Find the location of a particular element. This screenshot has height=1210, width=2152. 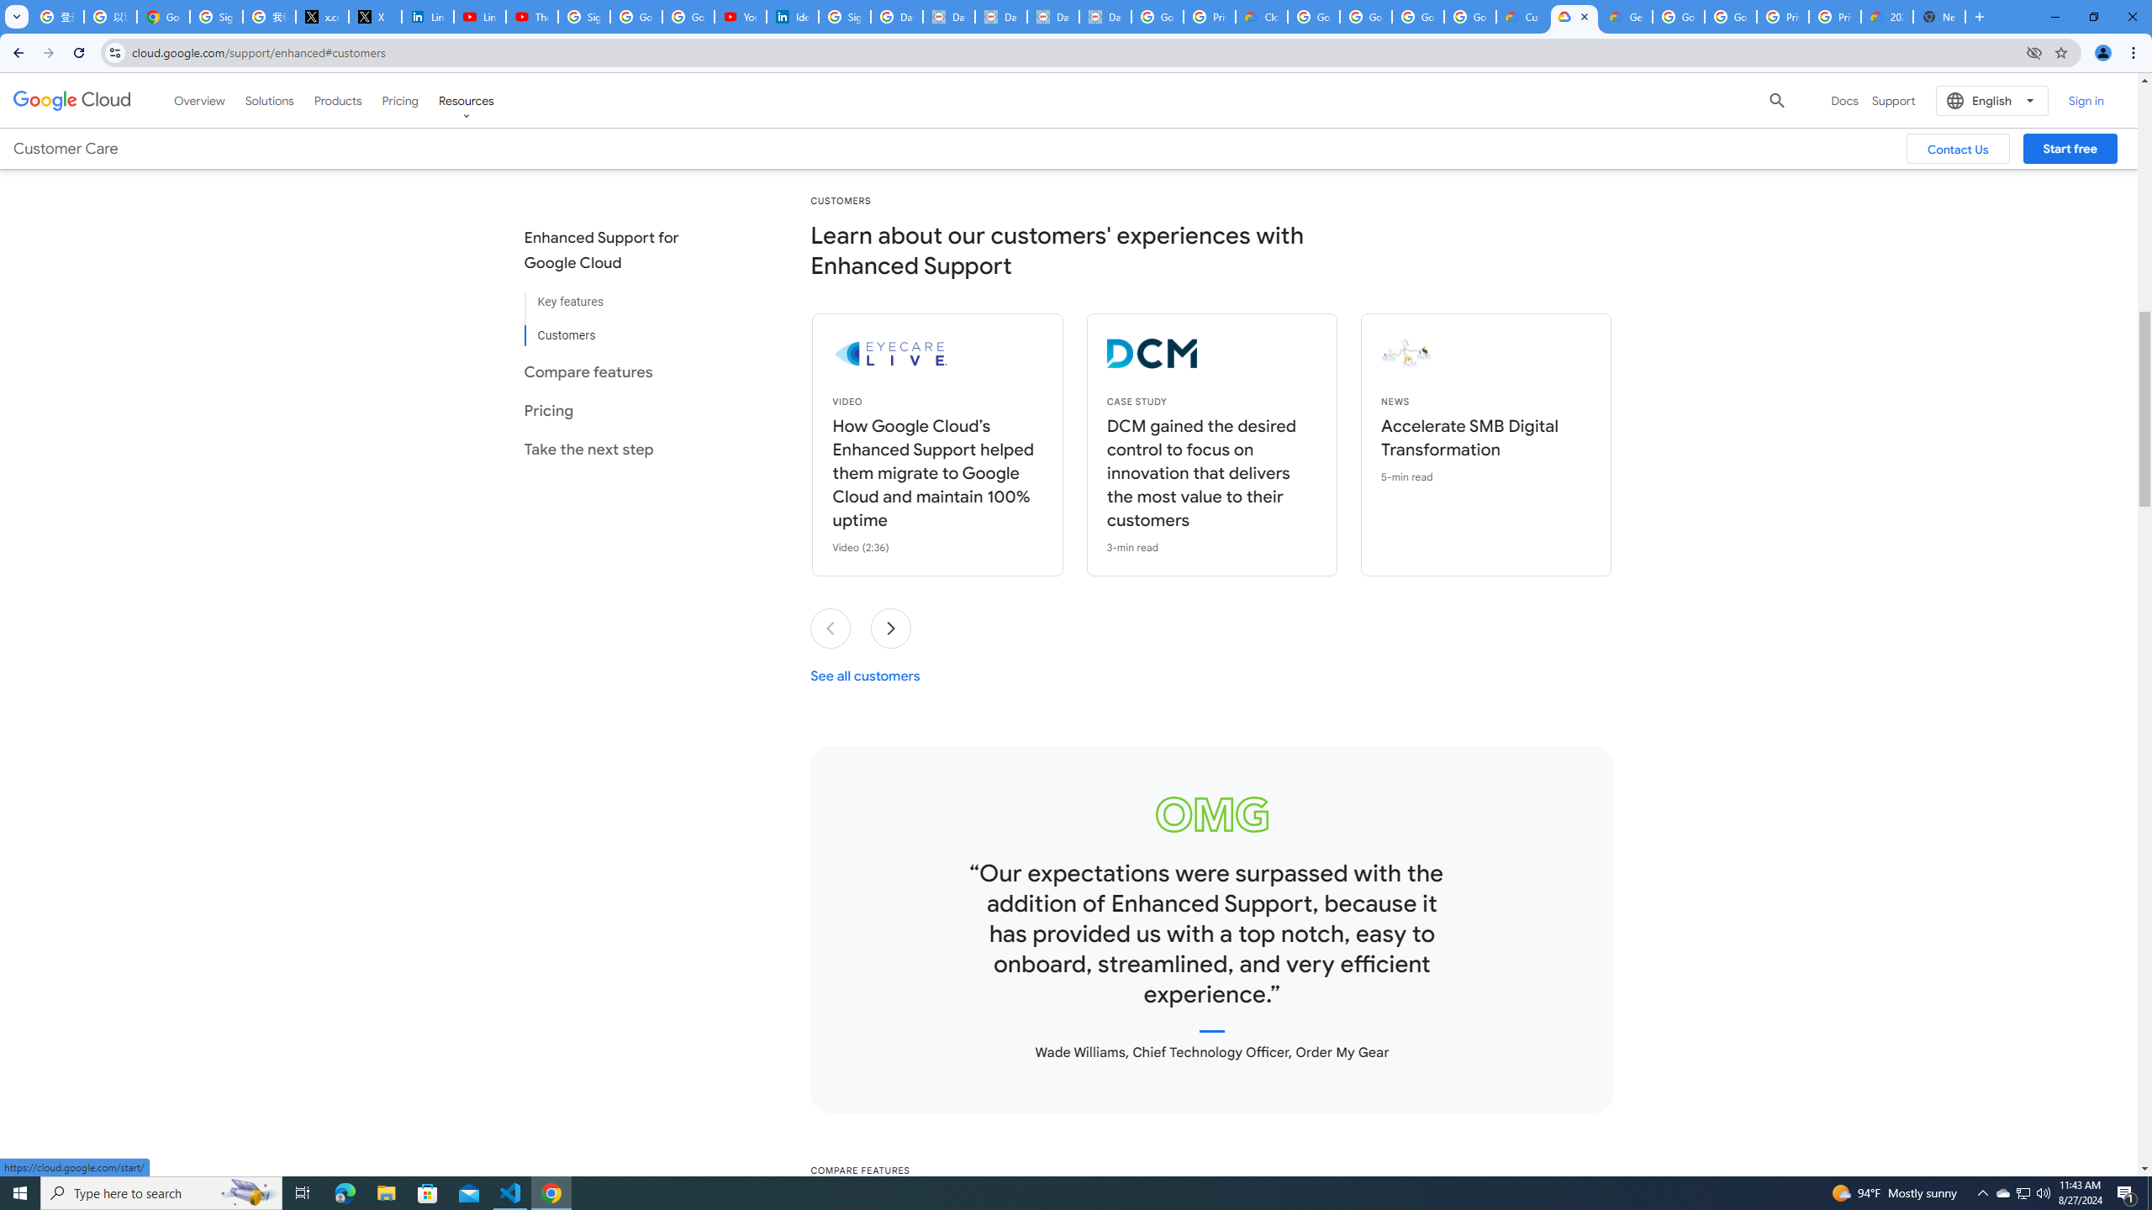

'New Tab' is located at coordinates (1939, 16).